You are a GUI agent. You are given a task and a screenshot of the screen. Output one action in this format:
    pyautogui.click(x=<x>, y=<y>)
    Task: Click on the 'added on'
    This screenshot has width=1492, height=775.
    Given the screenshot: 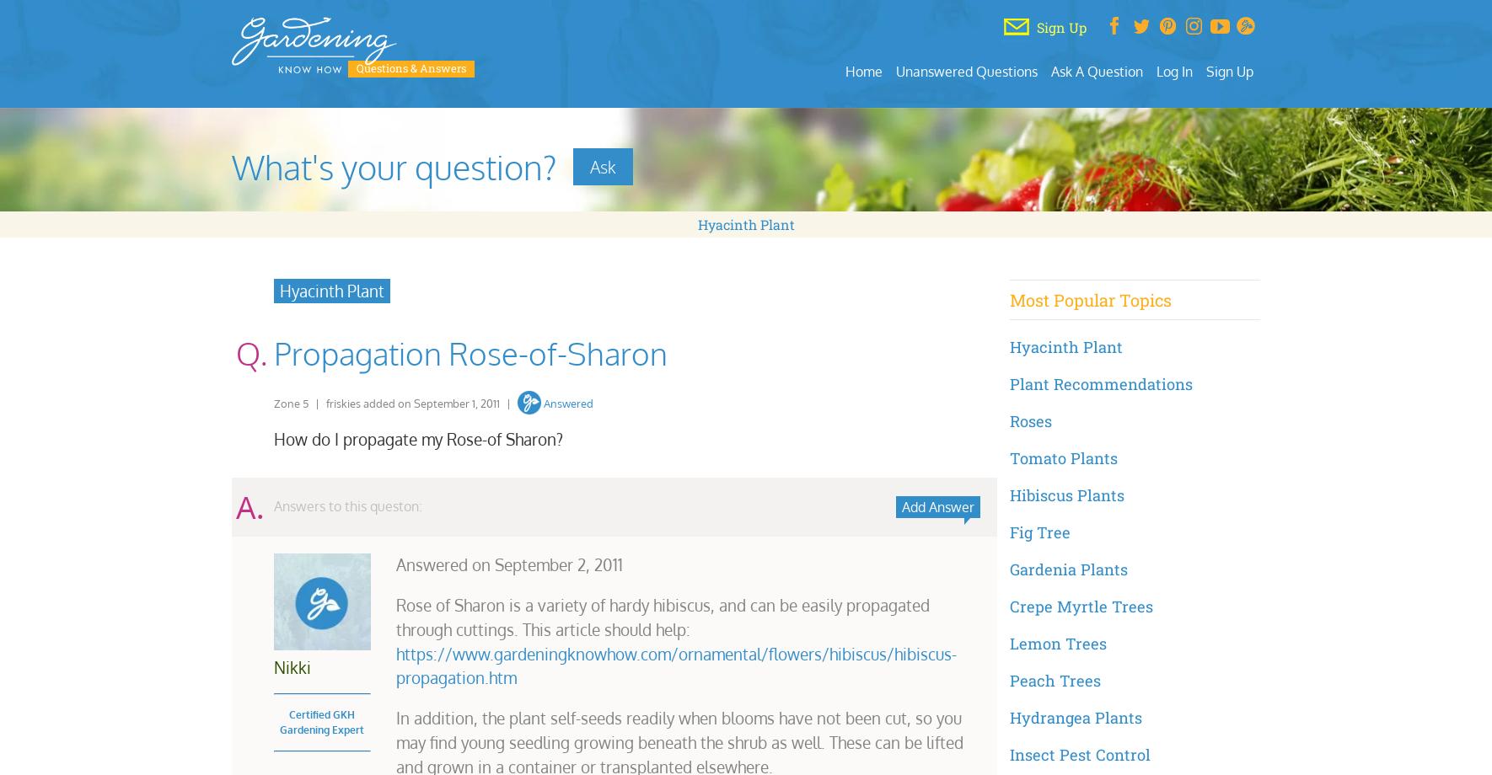 What is the action you would take?
    pyautogui.click(x=387, y=403)
    